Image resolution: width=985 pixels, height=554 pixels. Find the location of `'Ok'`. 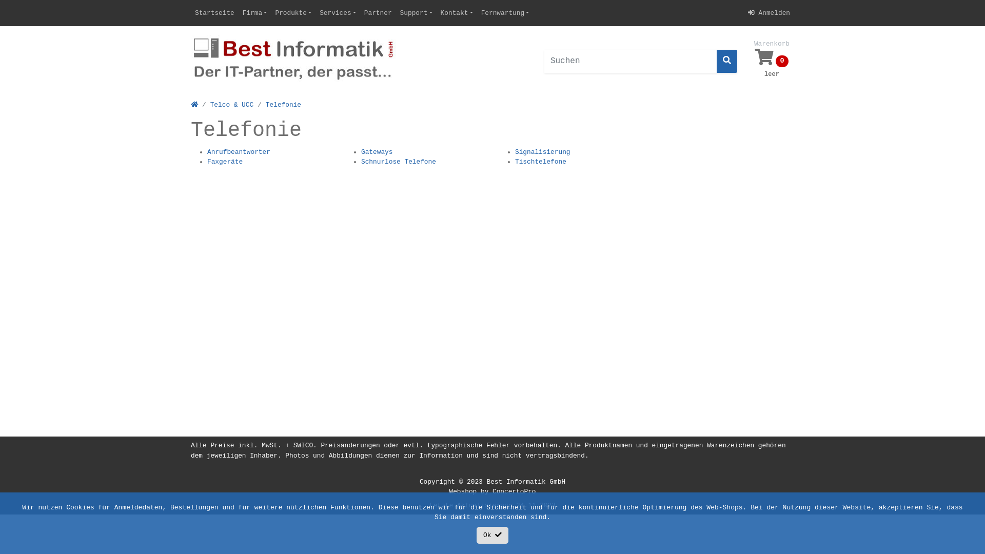

'Ok' is located at coordinates (493, 535).